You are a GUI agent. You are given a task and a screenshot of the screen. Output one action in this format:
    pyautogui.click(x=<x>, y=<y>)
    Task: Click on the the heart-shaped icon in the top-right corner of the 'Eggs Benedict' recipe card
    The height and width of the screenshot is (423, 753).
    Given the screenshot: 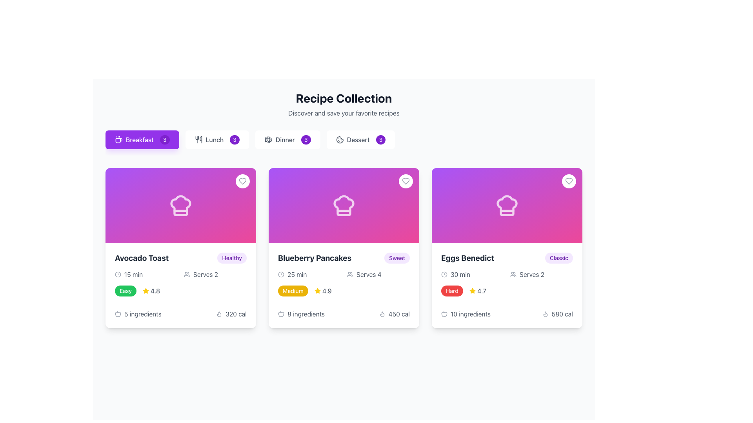 What is the action you would take?
    pyautogui.click(x=569, y=181)
    